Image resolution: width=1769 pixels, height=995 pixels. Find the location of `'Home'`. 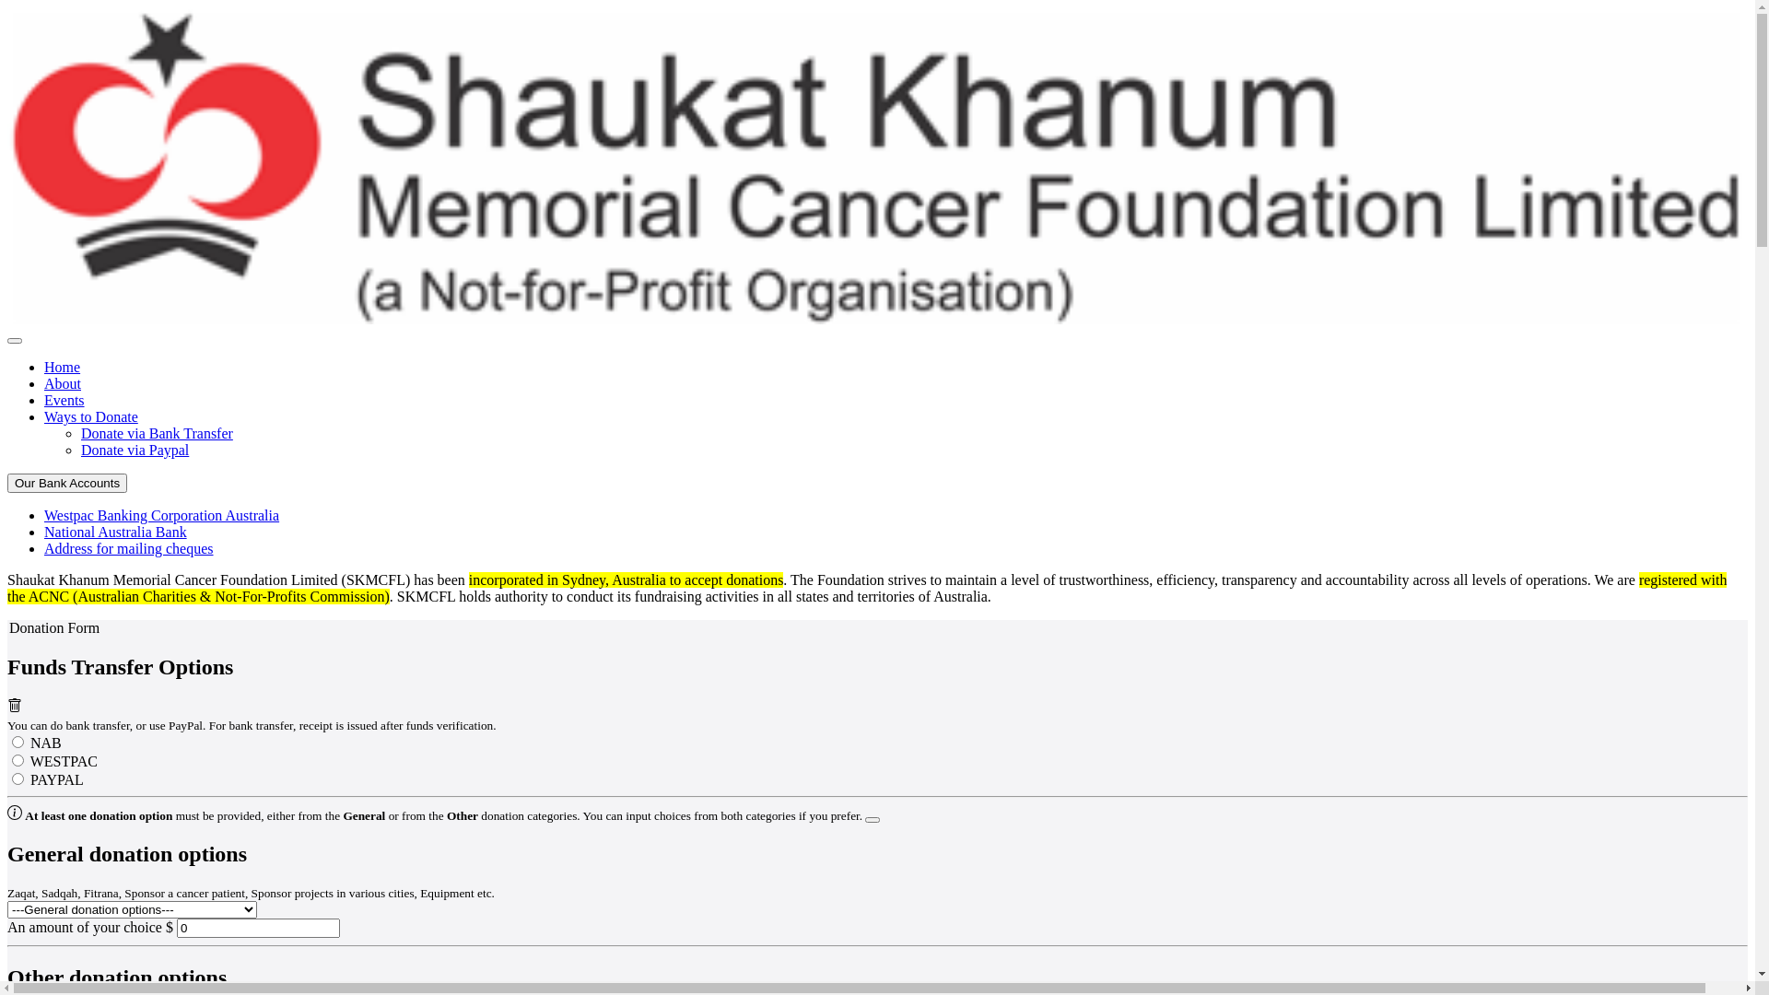

'Home' is located at coordinates (62, 367).